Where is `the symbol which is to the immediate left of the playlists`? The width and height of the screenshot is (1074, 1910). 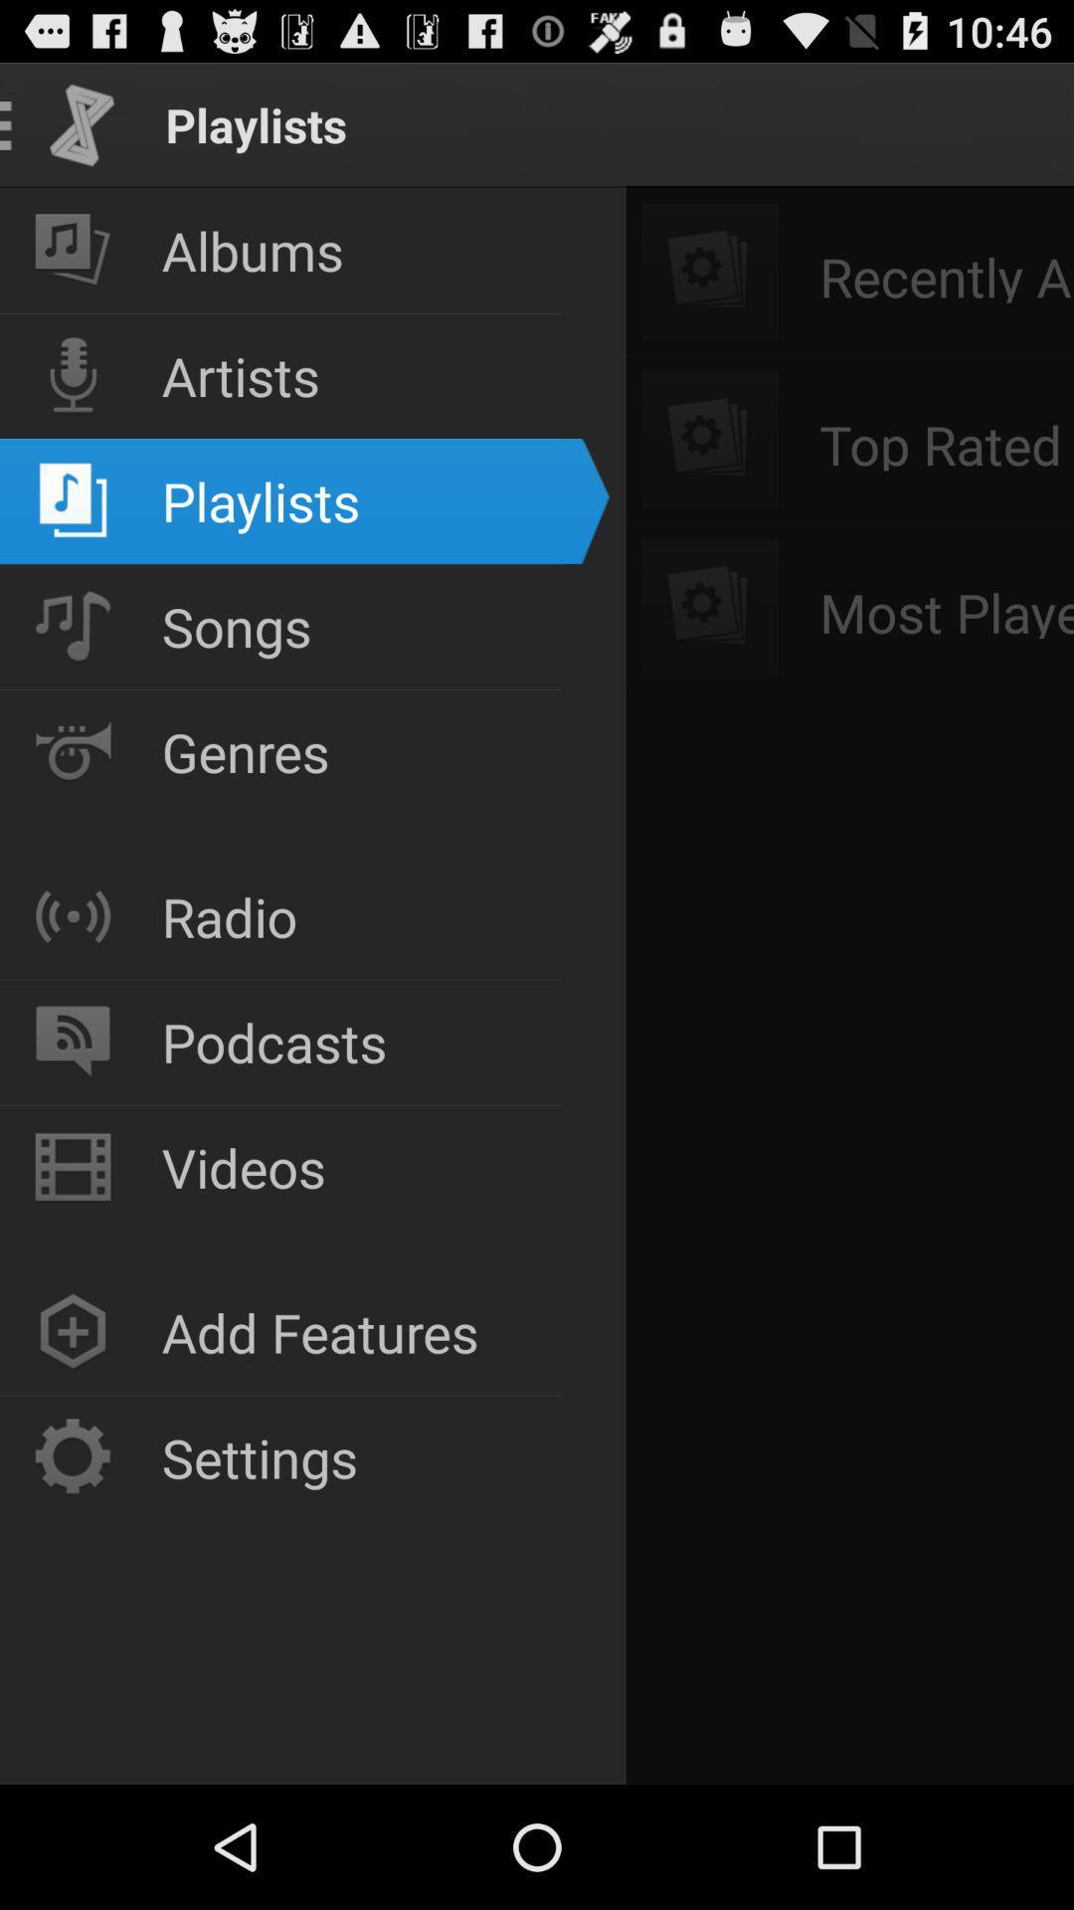 the symbol which is to the immediate left of the playlists is located at coordinates (72, 501).